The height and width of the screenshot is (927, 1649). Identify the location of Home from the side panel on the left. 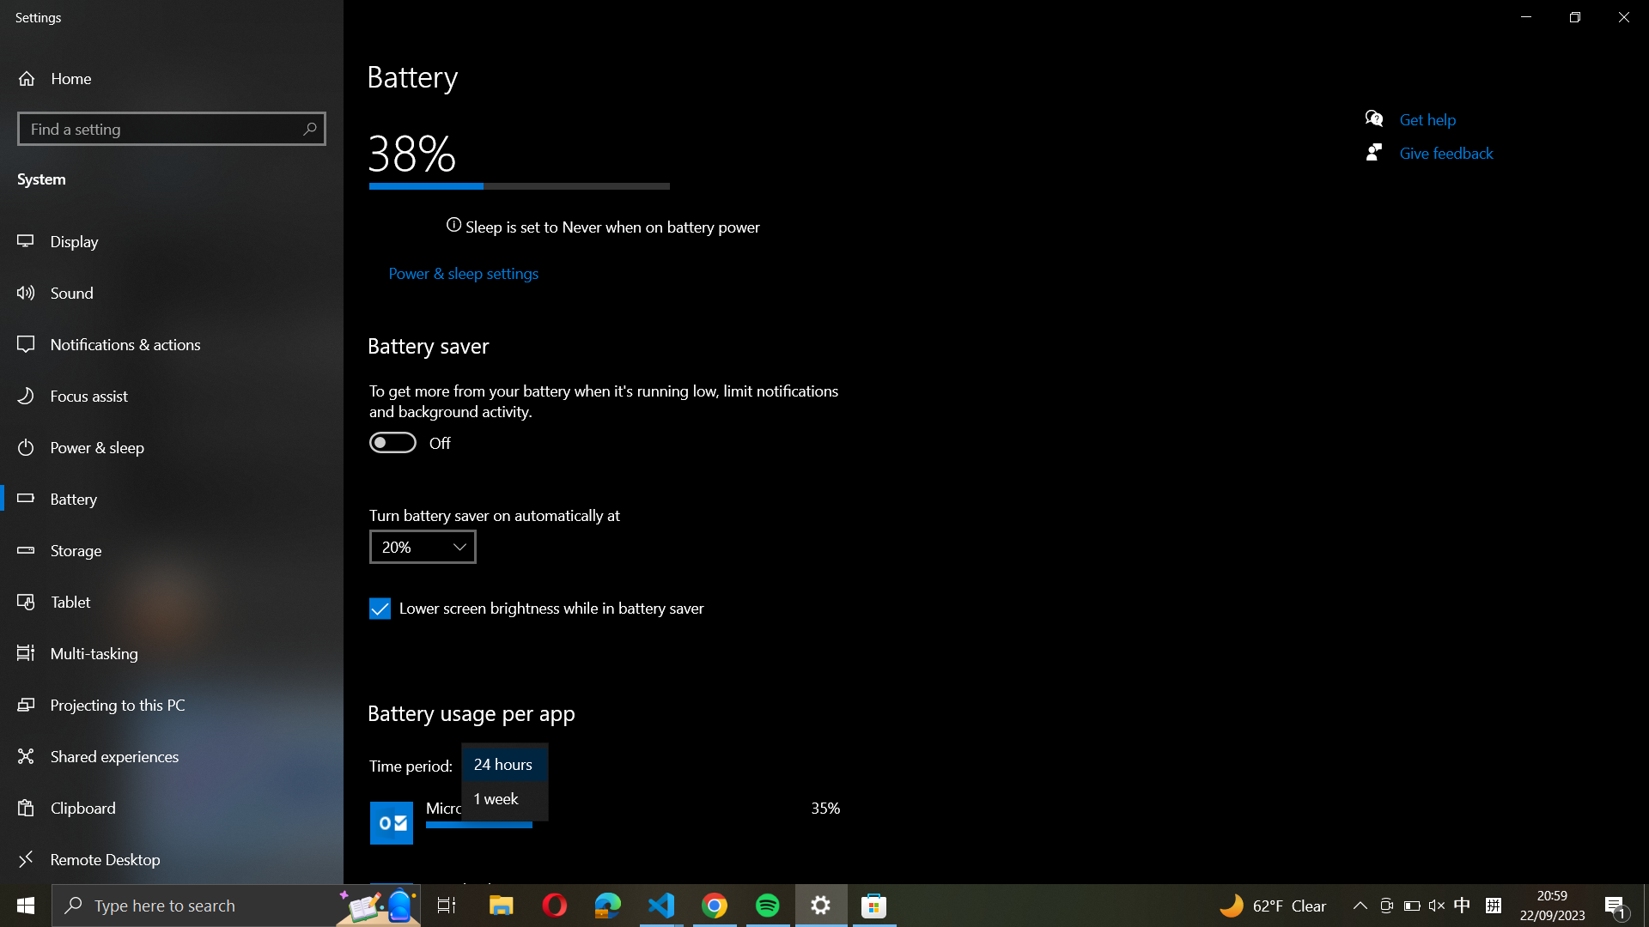
(82, 78).